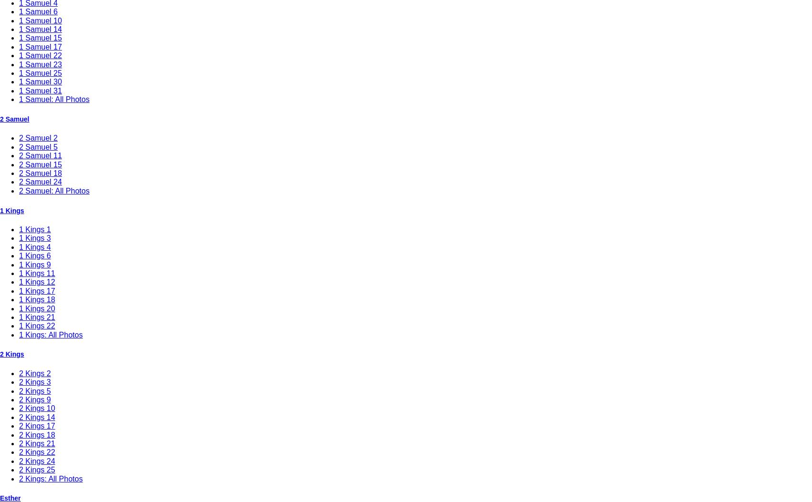 This screenshot has width=812, height=502. What do you see at coordinates (19, 181) in the screenshot?
I see `'2 Samuel 24'` at bounding box center [19, 181].